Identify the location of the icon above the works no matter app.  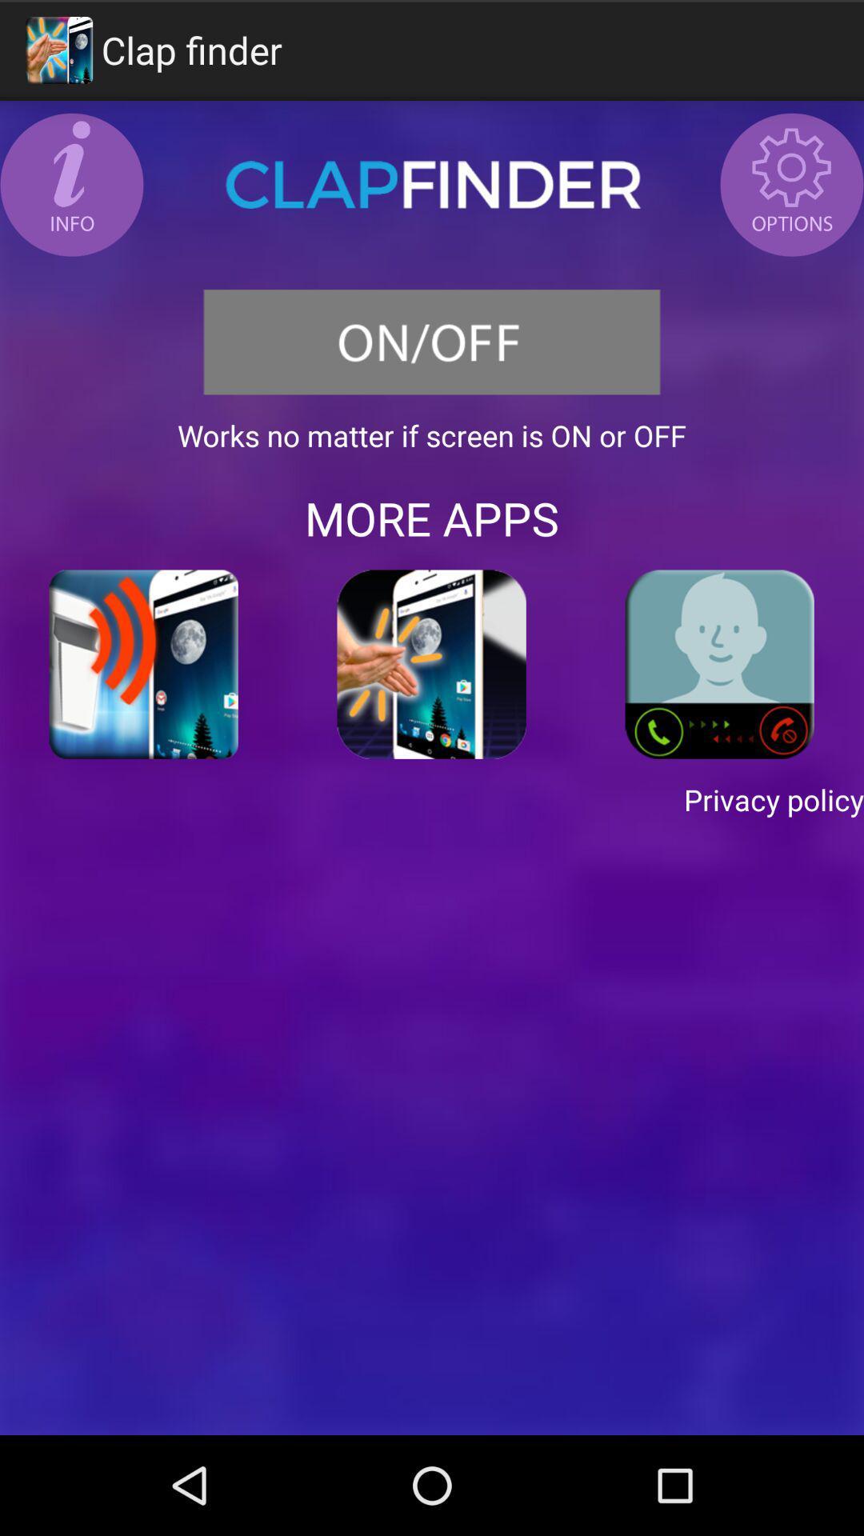
(432, 341).